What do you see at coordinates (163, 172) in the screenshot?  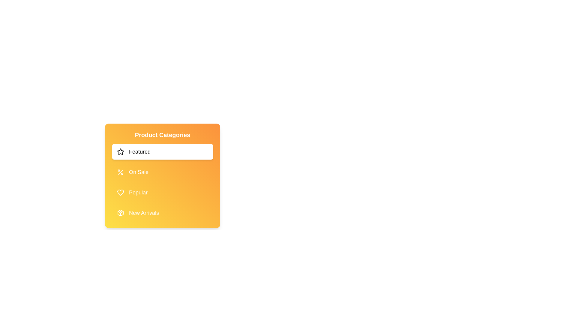 I see `the category On Sale` at bounding box center [163, 172].